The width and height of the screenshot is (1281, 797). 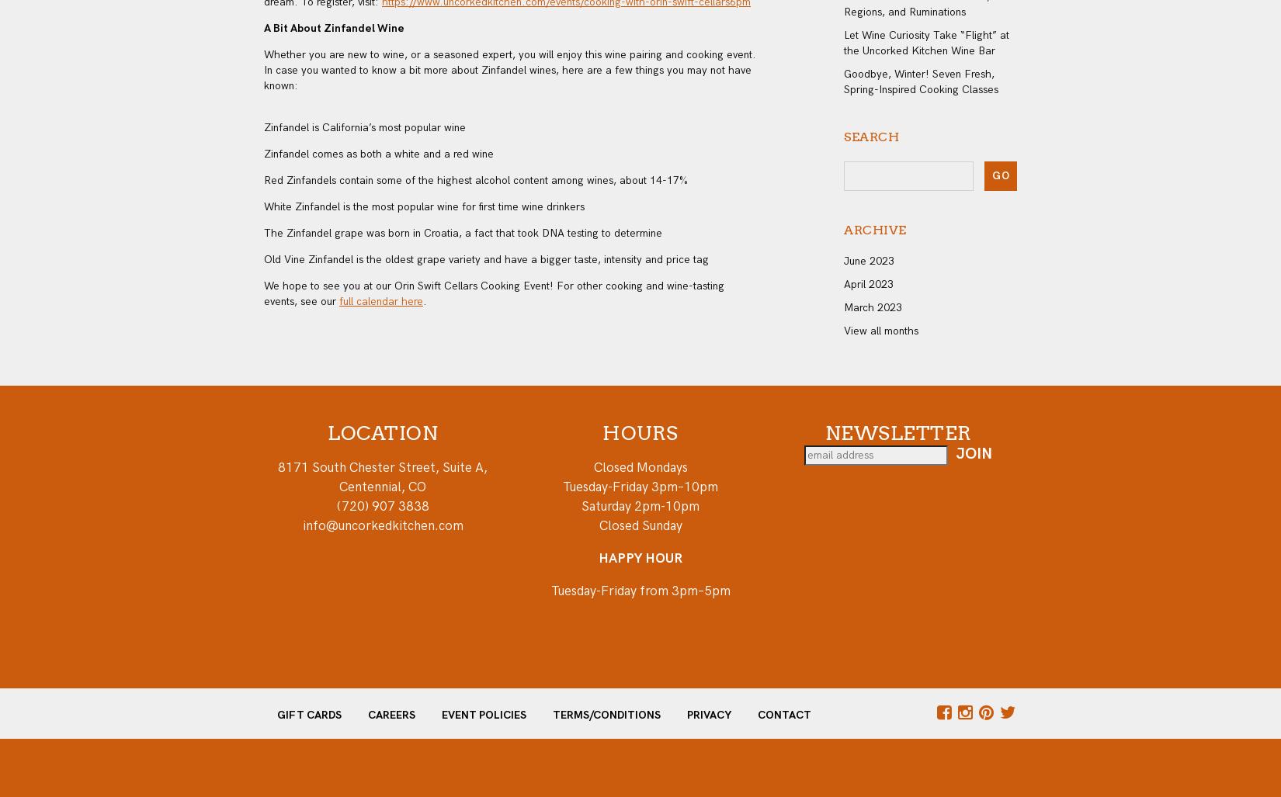 I want to click on 'HAPPY HOUR', so click(x=640, y=558).